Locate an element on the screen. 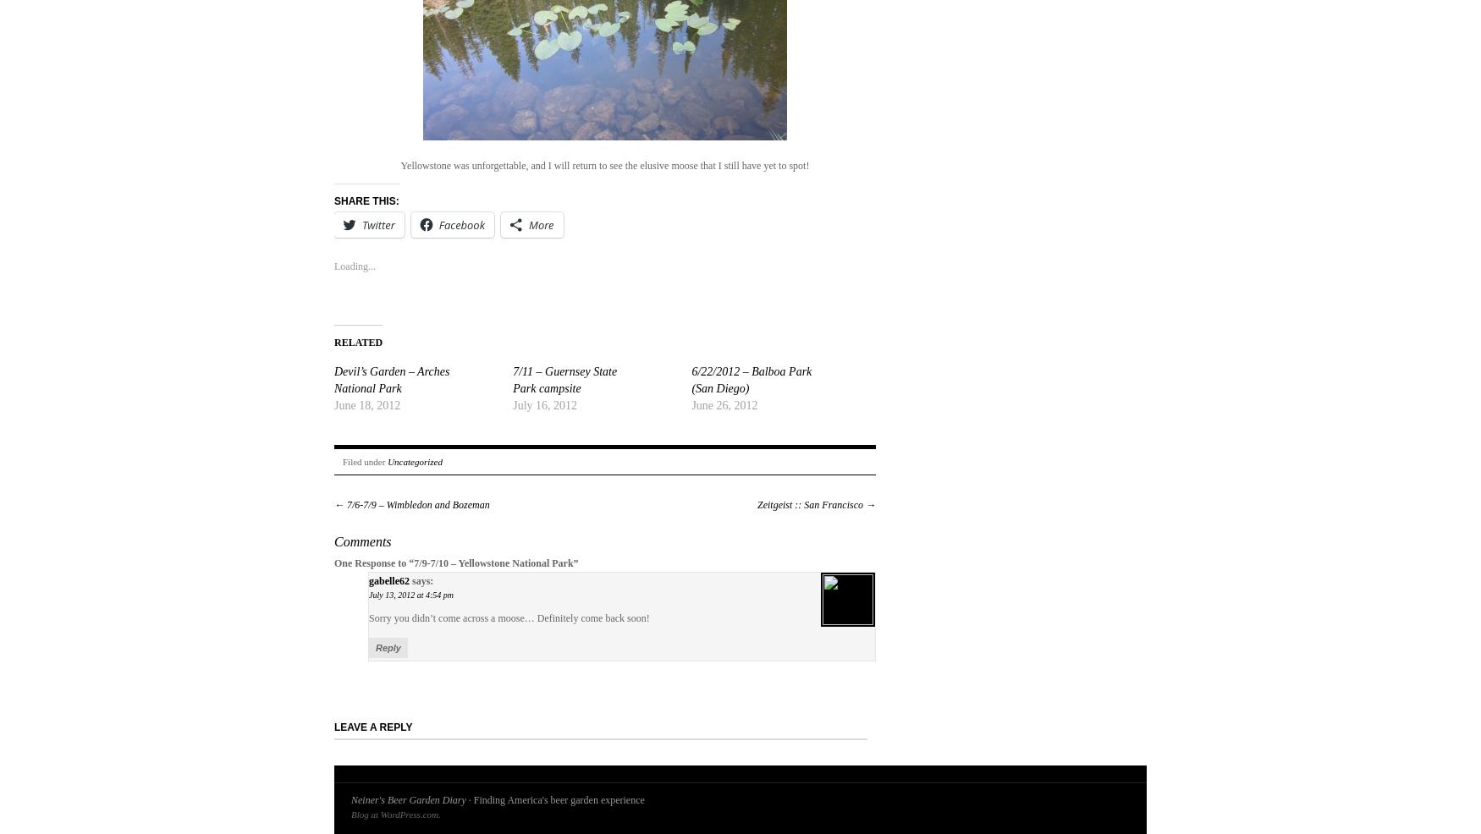 The height and width of the screenshot is (834, 1481). 'July 13, 2012 at 4:54 pm' is located at coordinates (410, 594).